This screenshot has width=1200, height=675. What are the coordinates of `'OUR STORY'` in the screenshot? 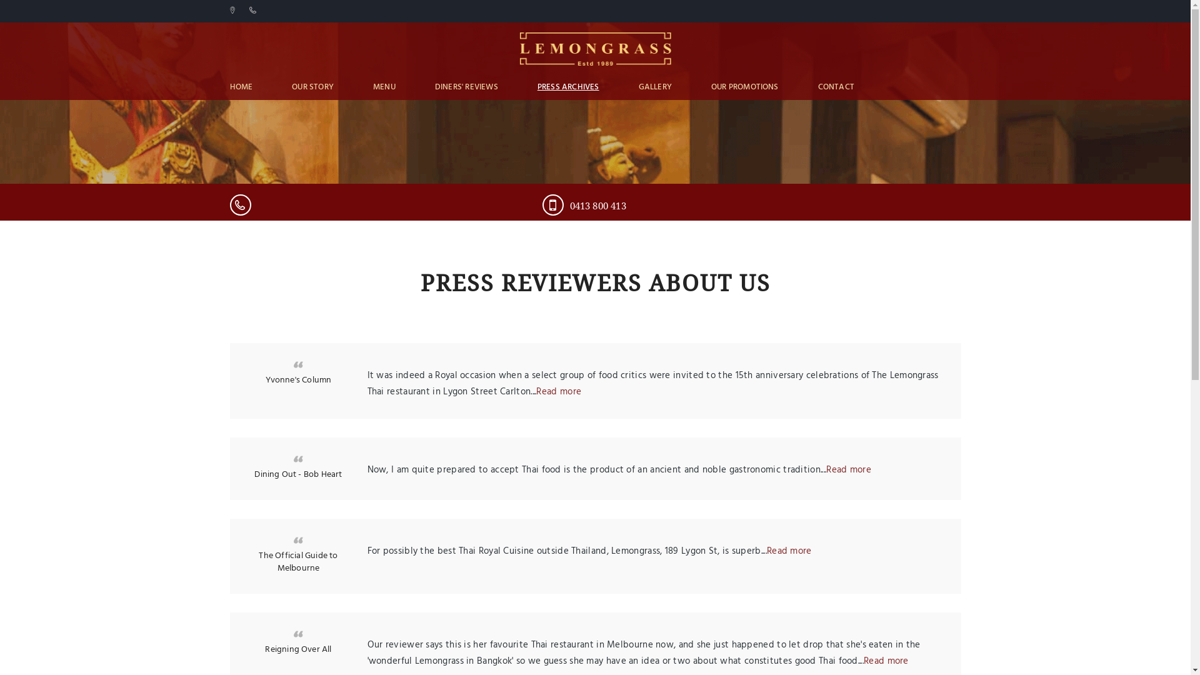 It's located at (312, 86).